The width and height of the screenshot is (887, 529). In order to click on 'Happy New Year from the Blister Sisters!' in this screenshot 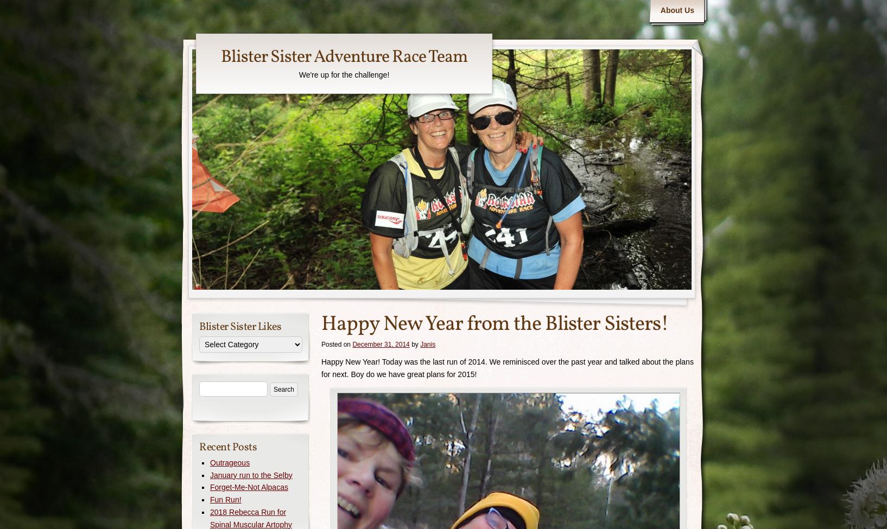, I will do `click(495, 324)`.